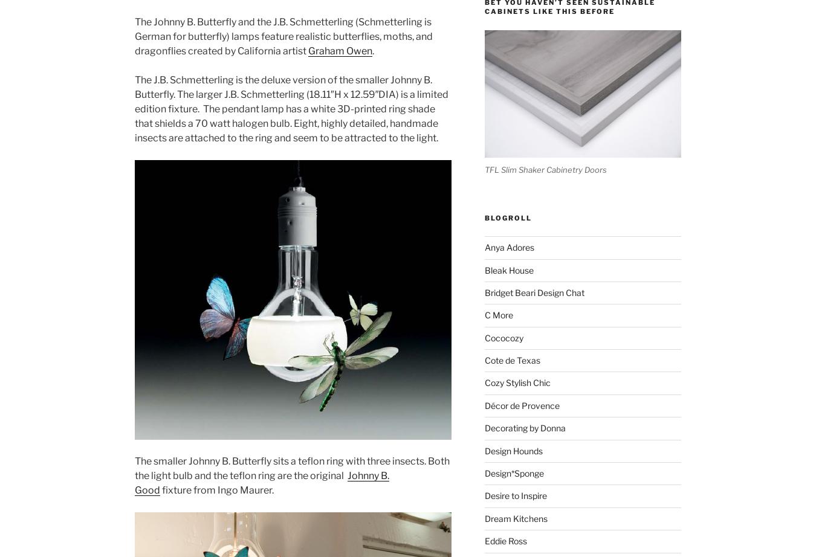 The height and width of the screenshot is (557, 816). I want to click on 'Dream Kitchens', so click(484, 517).